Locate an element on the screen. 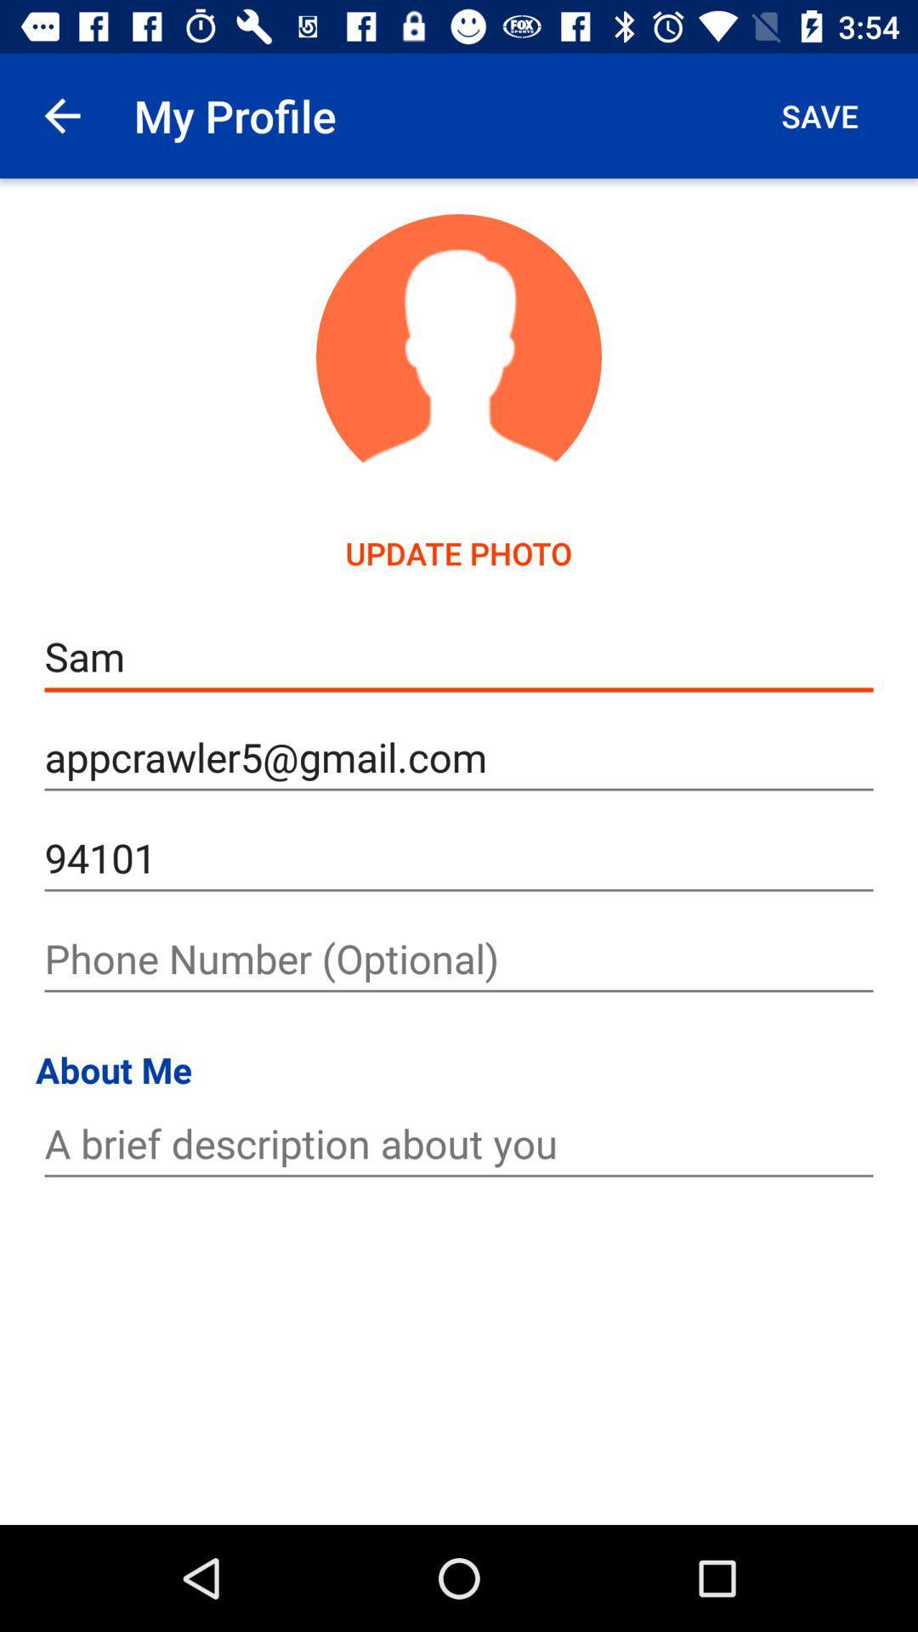 The height and width of the screenshot is (1632, 918). sam is located at coordinates (459, 656).